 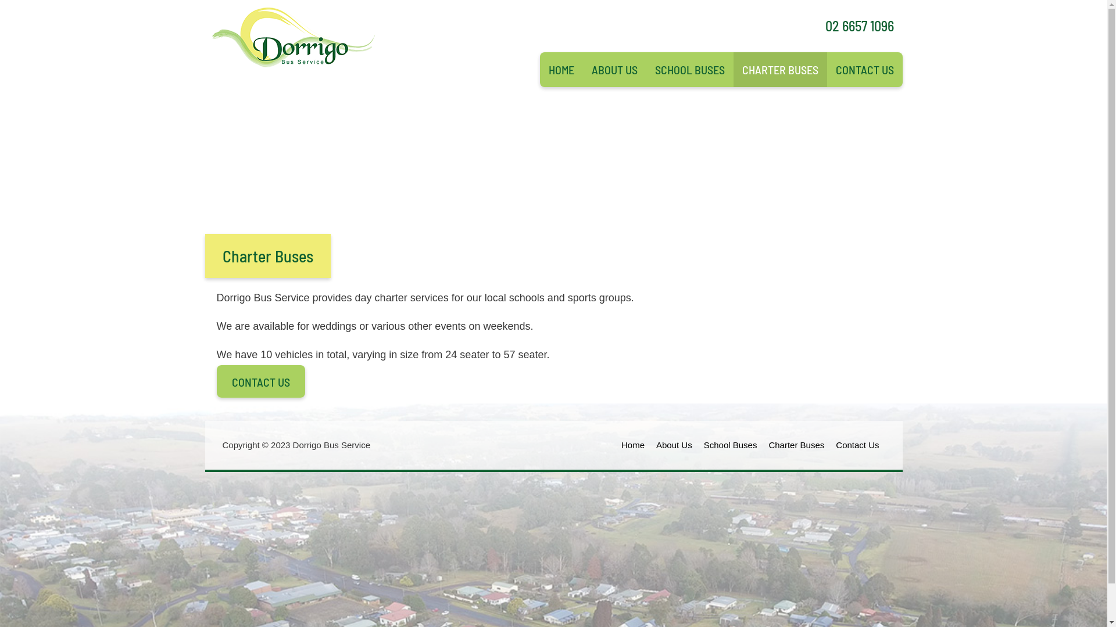 What do you see at coordinates (859, 26) in the screenshot?
I see `'02 6657 1096'` at bounding box center [859, 26].